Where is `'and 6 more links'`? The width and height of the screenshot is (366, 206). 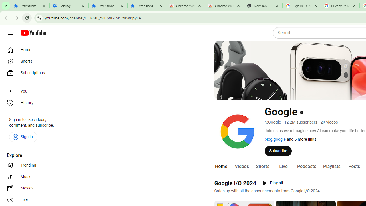
'and 6 more links' is located at coordinates (301, 139).